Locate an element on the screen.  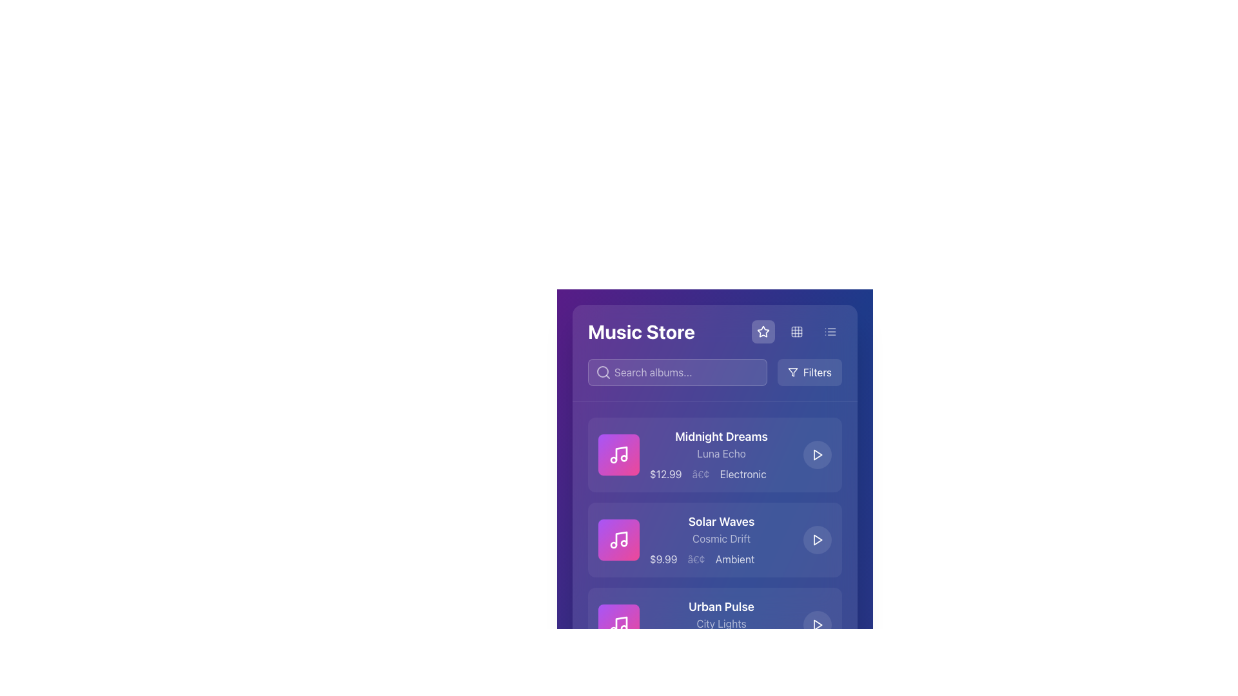
the price displayed in the Text Label element that shows '$12.99', styled with a light white font over a blue background, indicating the price for the product 'Midnight Dreams' is located at coordinates (665, 474).